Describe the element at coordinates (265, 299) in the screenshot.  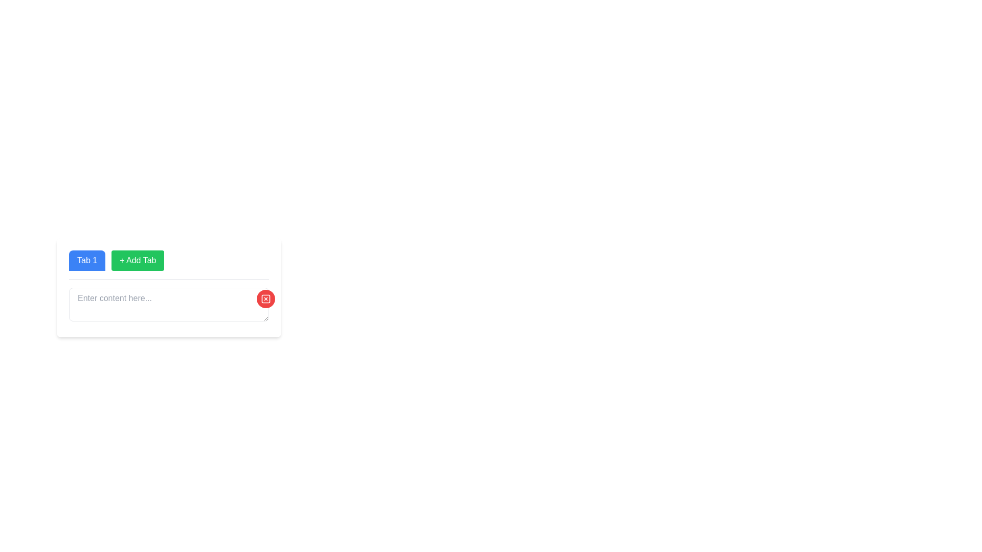
I see `the icon in the bottom-right corner of the 'Remove Tab' button` at that location.